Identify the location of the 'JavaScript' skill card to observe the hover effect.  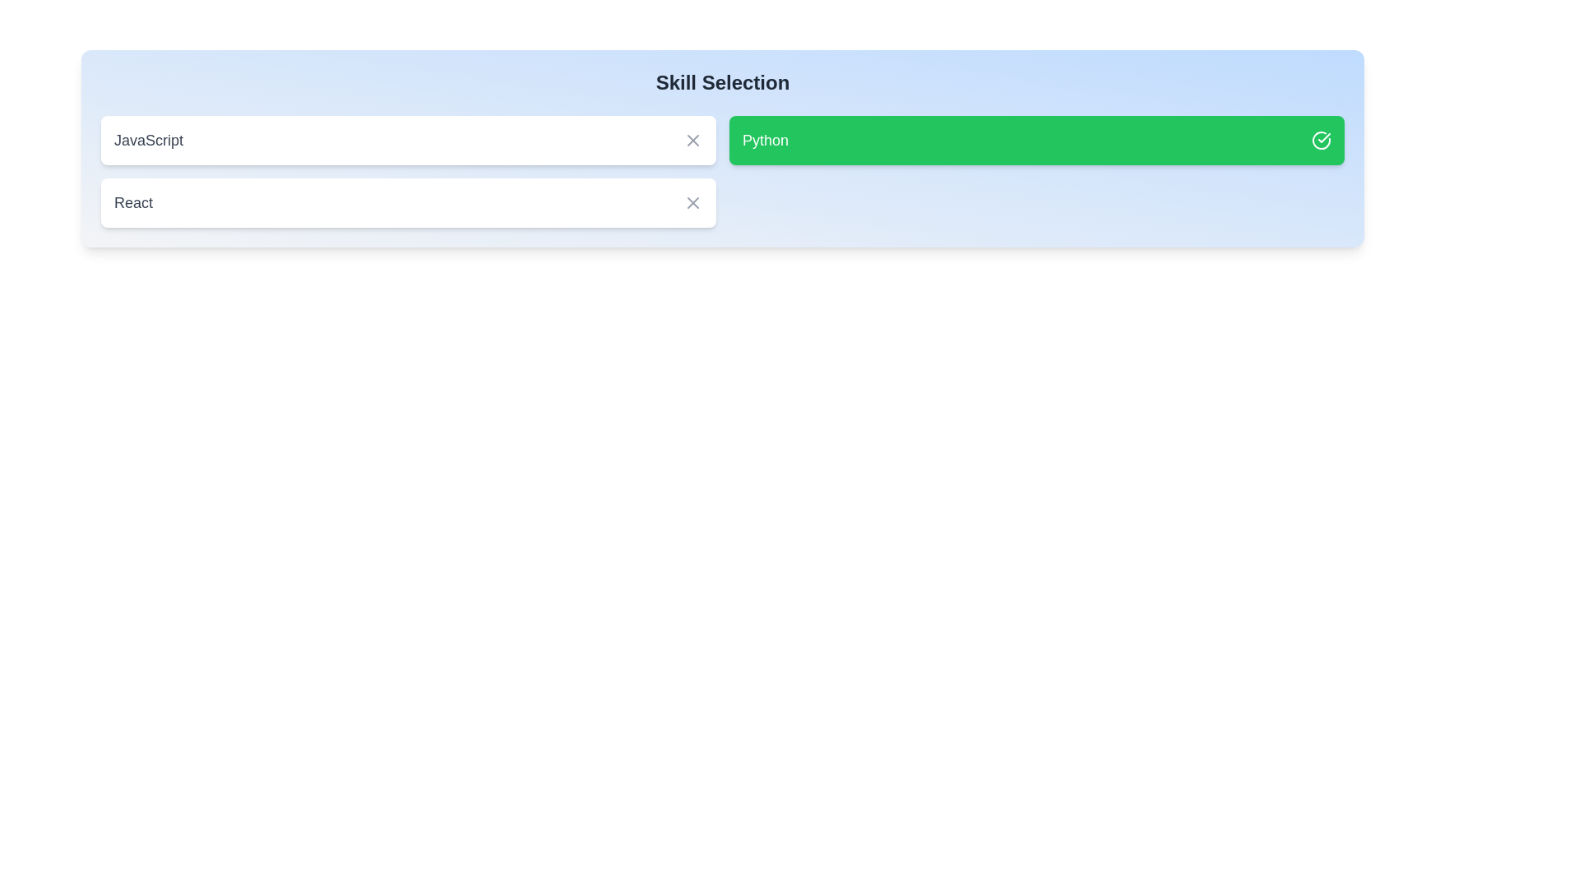
(409, 139).